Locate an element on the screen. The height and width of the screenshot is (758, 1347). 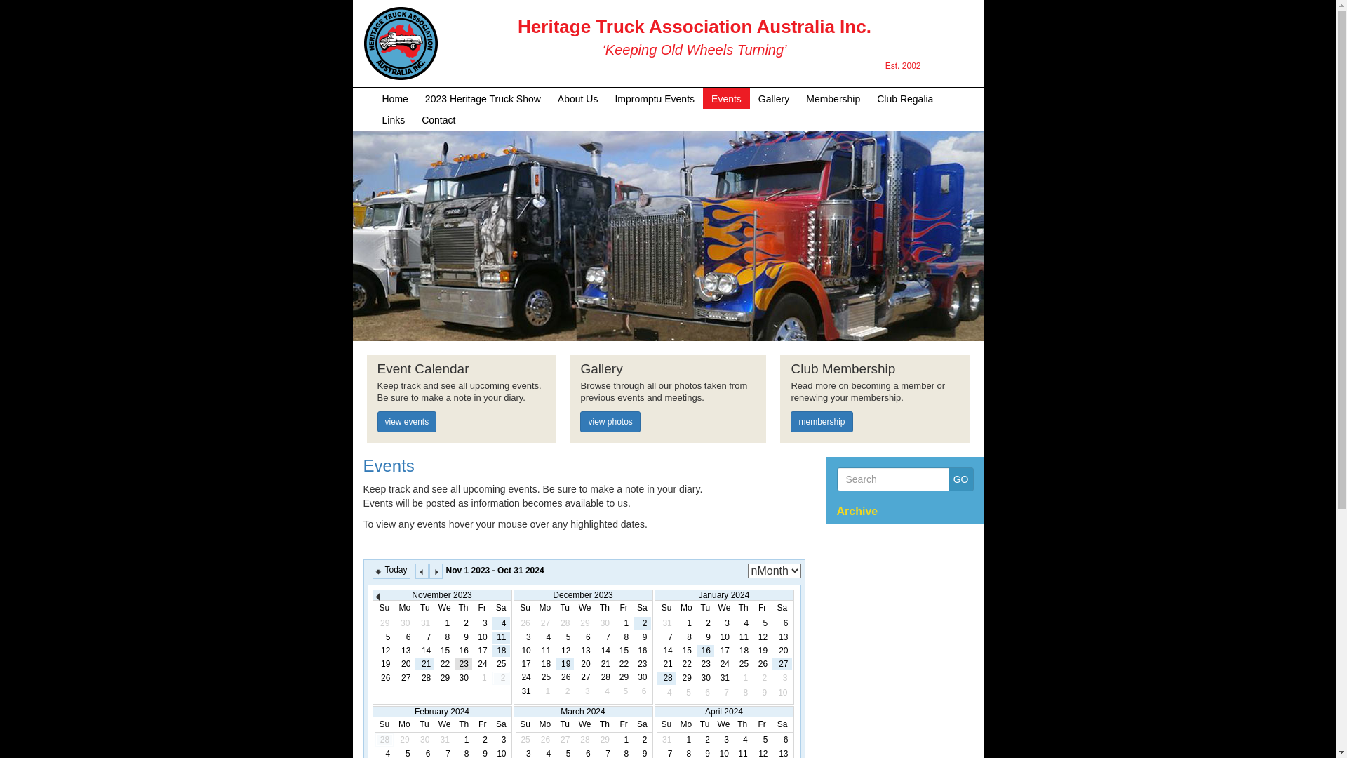
'17' is located at coordinates (524, 663).